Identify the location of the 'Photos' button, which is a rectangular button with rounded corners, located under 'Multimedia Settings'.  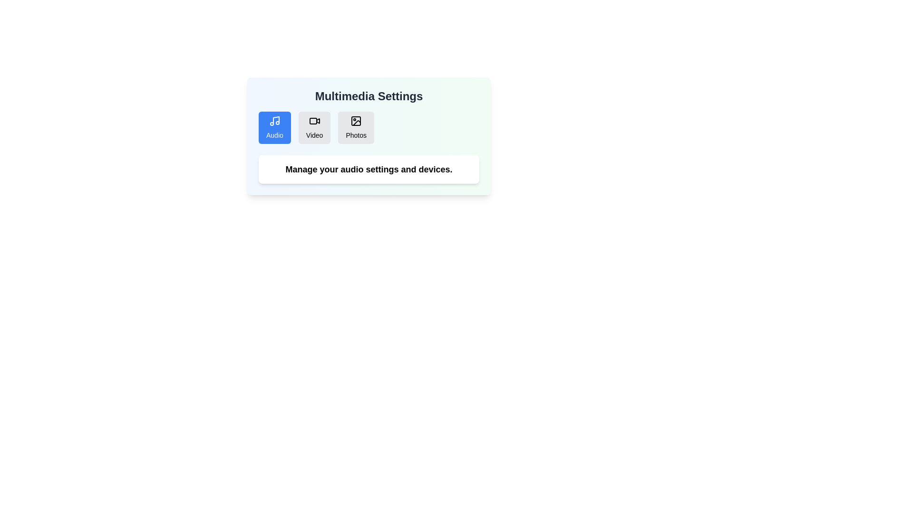
(356, 127).